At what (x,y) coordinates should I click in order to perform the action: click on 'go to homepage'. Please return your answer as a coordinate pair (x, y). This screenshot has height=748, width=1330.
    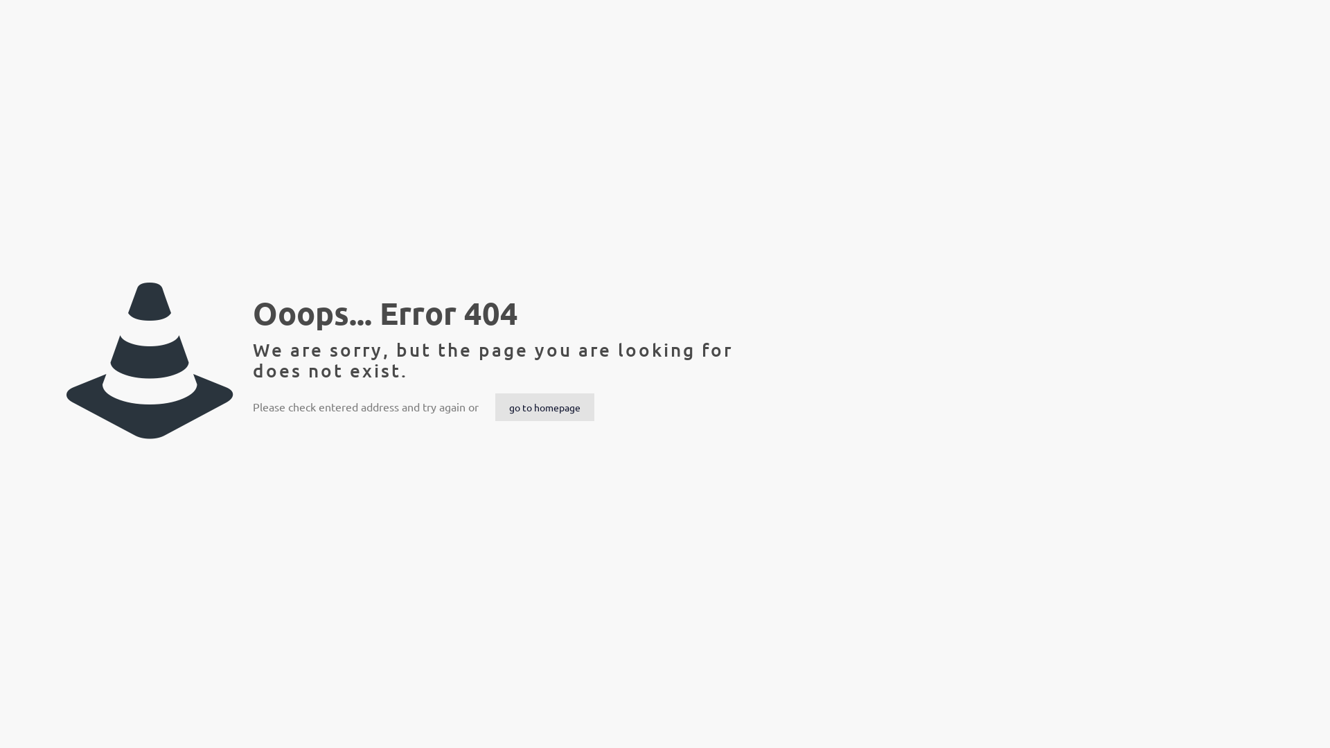
    Looking at the image, I should click on (544, 406).